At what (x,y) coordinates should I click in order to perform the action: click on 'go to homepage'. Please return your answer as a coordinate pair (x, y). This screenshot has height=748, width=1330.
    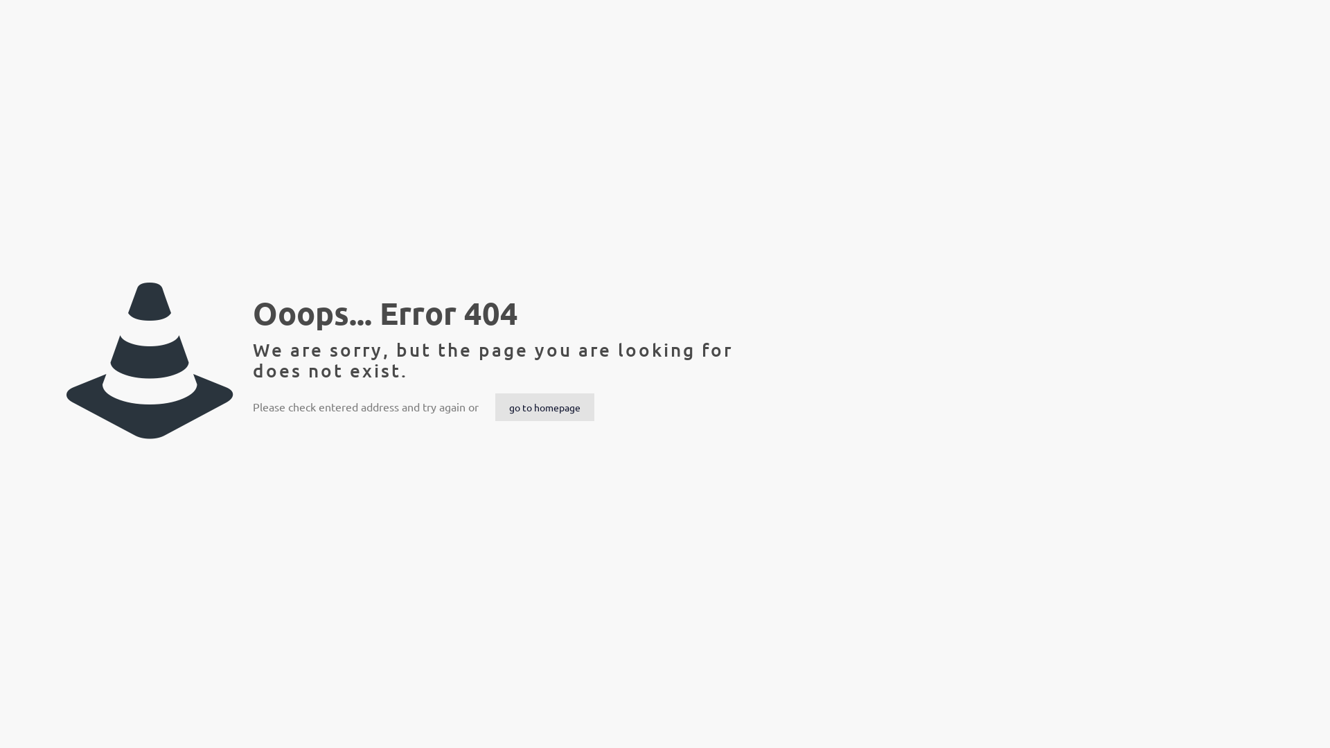
    Looking at the image, I should click on (544, 406).